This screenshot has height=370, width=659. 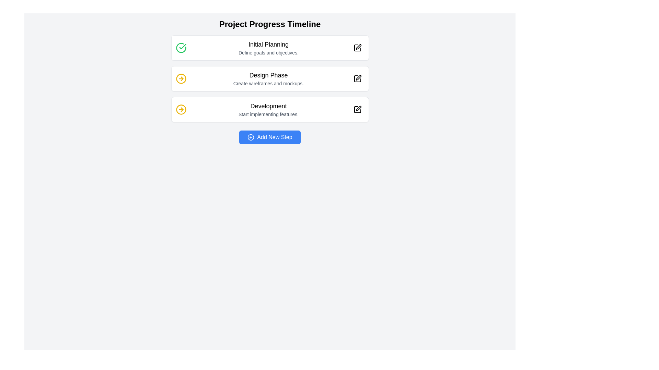 What do you see at coordinates (357, 109) in the screenshot?
I see `the editing icon component, which is a square with sharp corners and a thin stroke, located at the far right of the 'Development' step in the timeline` at bounding box center [357, 109].